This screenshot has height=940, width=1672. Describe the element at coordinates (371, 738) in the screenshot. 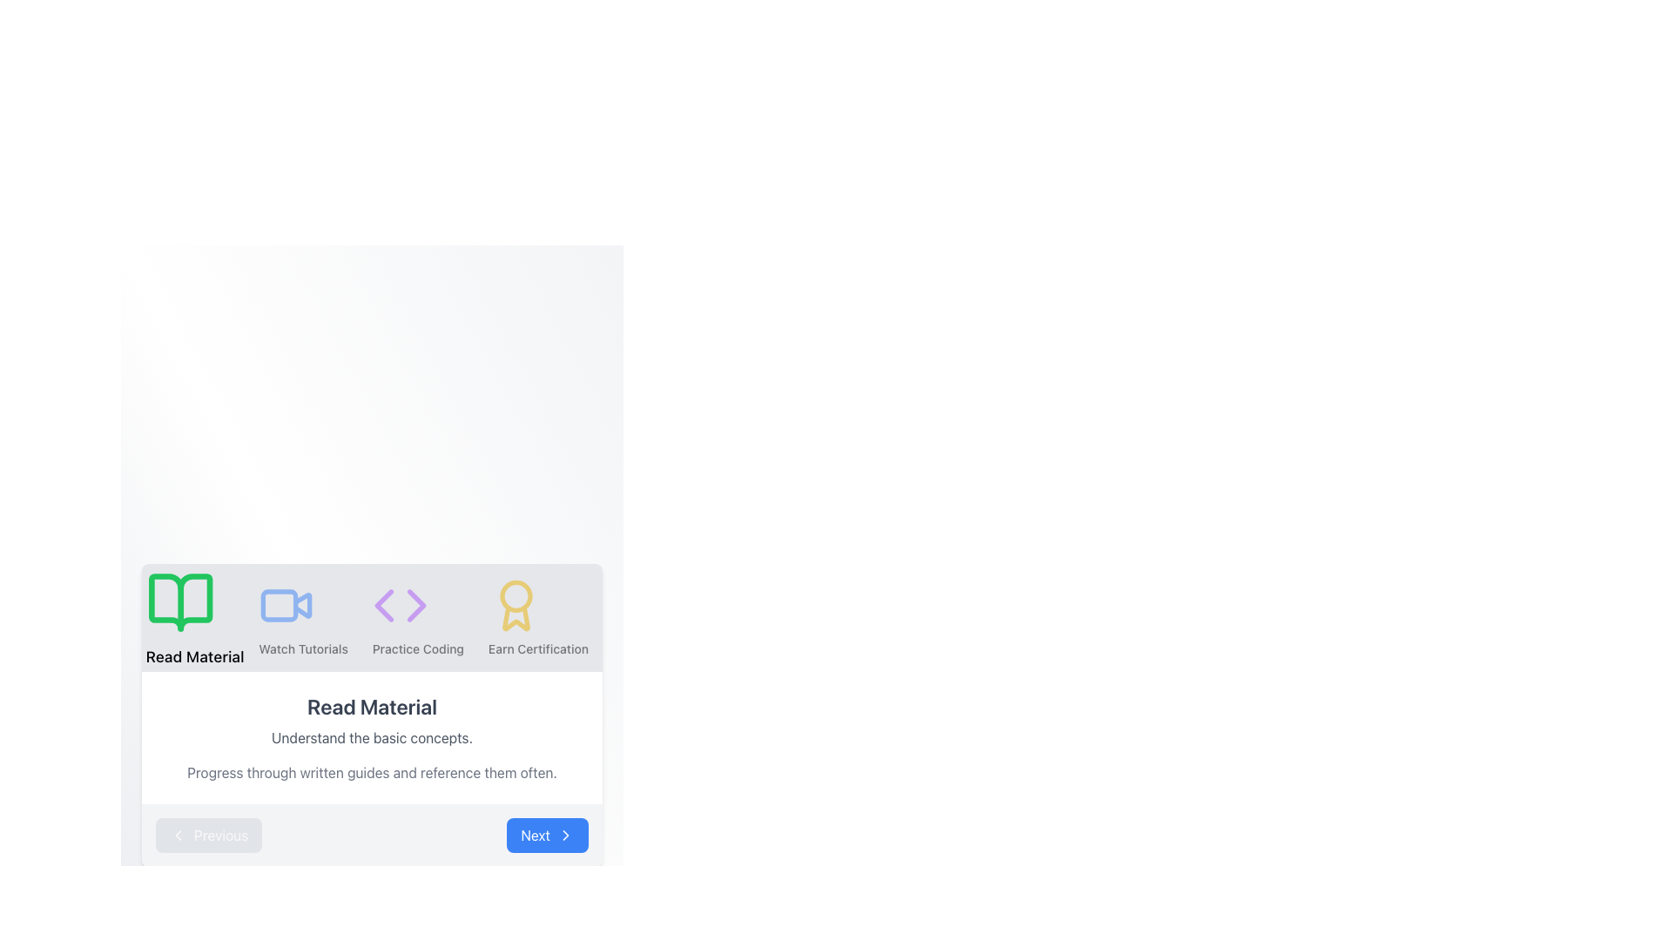

I see `text group that contains the heading 'Read Material' and its descriptions, which are centrally aligned within a light-colored box, located above the 'Previous' and 'Next' buttons` at that location.